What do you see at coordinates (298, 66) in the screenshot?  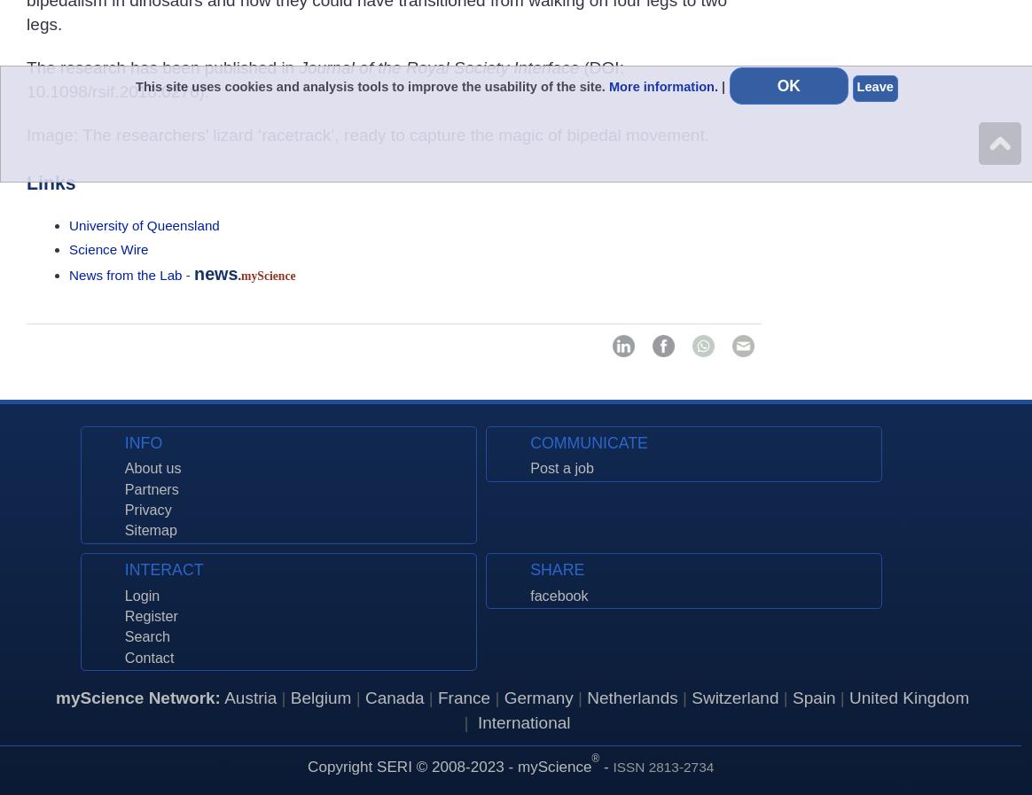 I see `'Journal of the Royal Society Interface'` at bounding box center [298, 66].